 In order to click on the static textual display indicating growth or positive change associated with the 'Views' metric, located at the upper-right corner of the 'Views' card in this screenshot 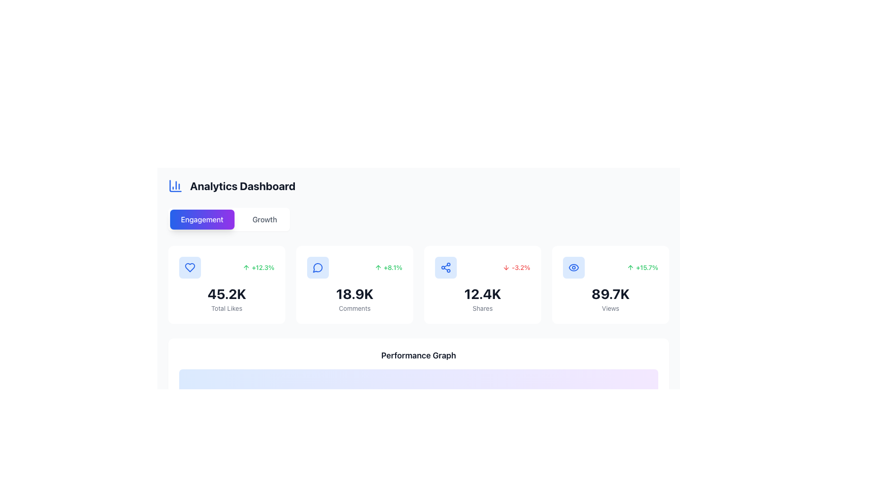, I will do `click(642, 267)`.